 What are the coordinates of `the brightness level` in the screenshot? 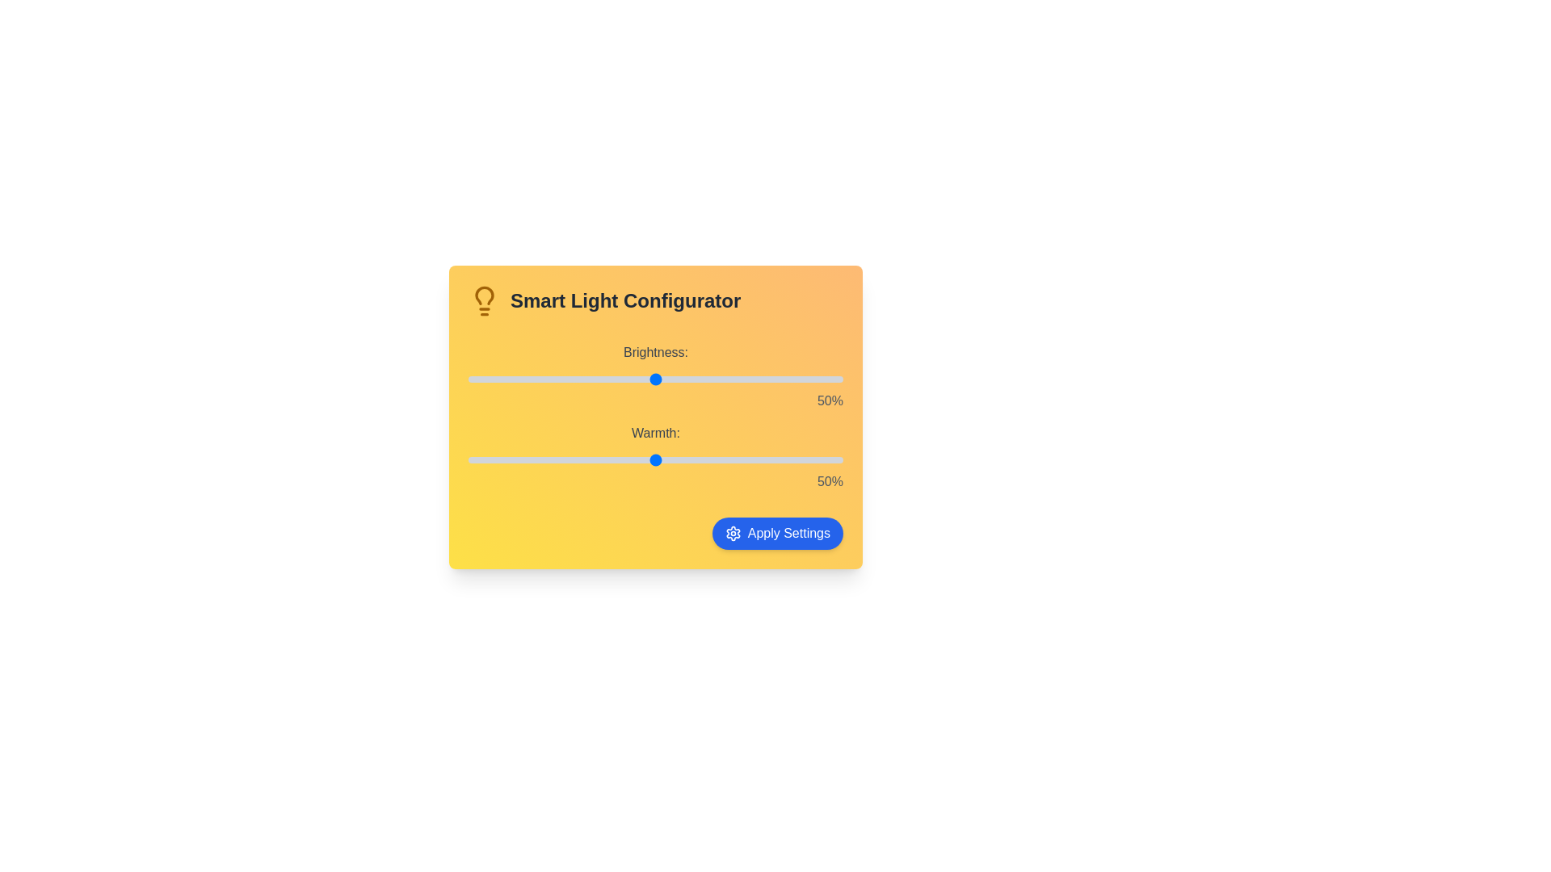 It's located at (780, 379).